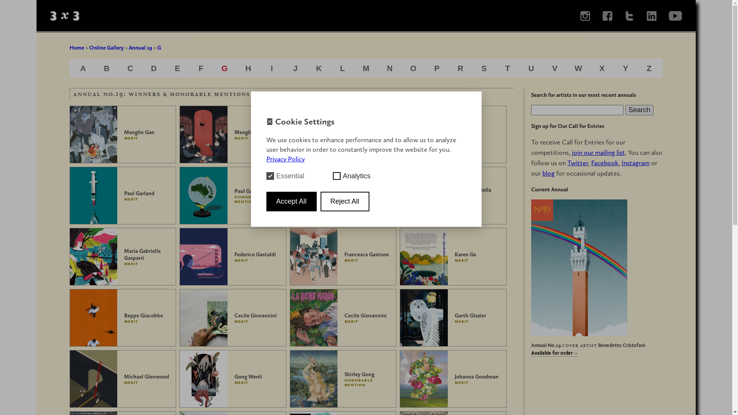 Image resolution: width=738 pixels, height=415 pixels. What do you see at coordinates (453, 256) in the screenshot?
I see `'Karen Ge` at bounding box center [453, 256].